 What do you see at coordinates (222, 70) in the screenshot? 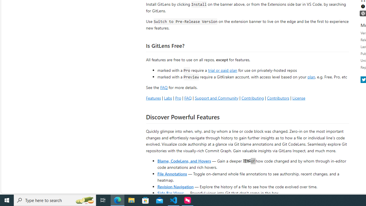
I see `'trial or paid plan'` at bounding box center [222, 70].